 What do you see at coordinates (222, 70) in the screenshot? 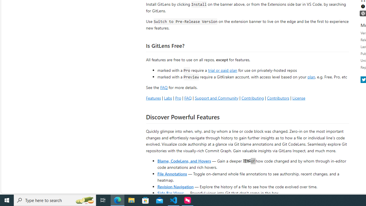
I see `'trial or paid plan'` at bounding box center [222, 70].